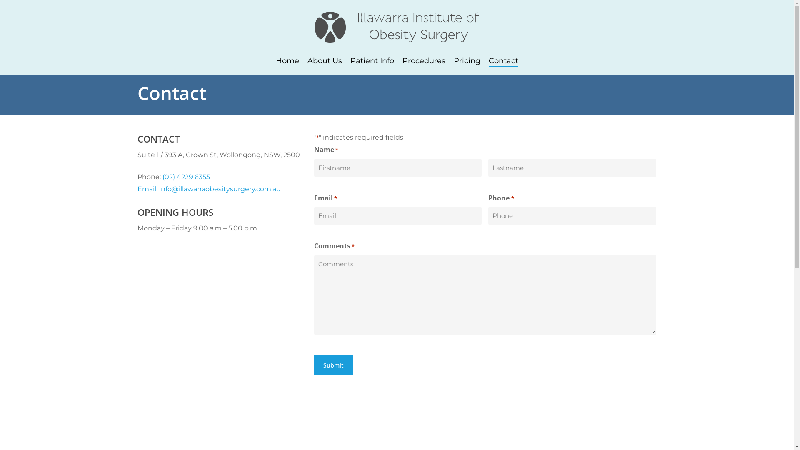 The height and width of the screenshot is (450, 800). What do you see at coordinates (371, 60) in the screenshot?
I see `'Patient Info'` at bounding box center [371, 60].